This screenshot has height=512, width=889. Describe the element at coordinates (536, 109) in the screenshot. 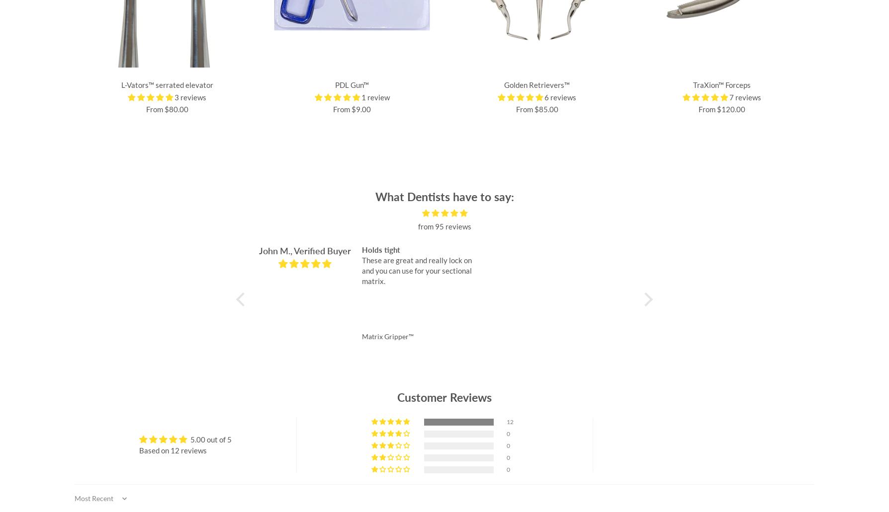

I see `'From $85.00'` at that location.